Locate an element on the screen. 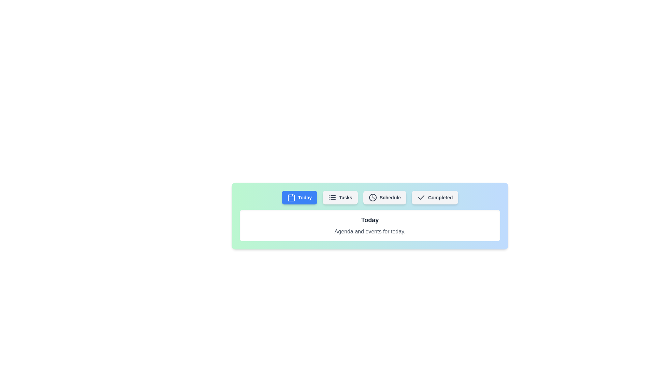 The height and width of the screenshot is (368, 655). the tab labeled Today to view its hover effect is located at coordinates (299, 197).